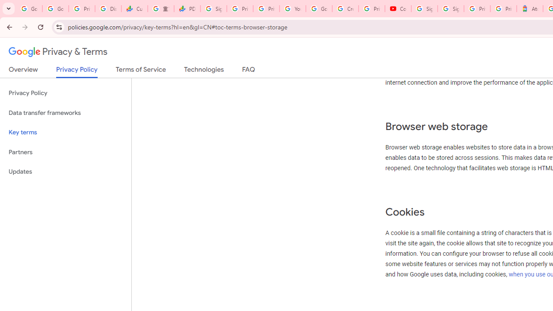  I want to click on 'Google Account Help', so click(318, 9).